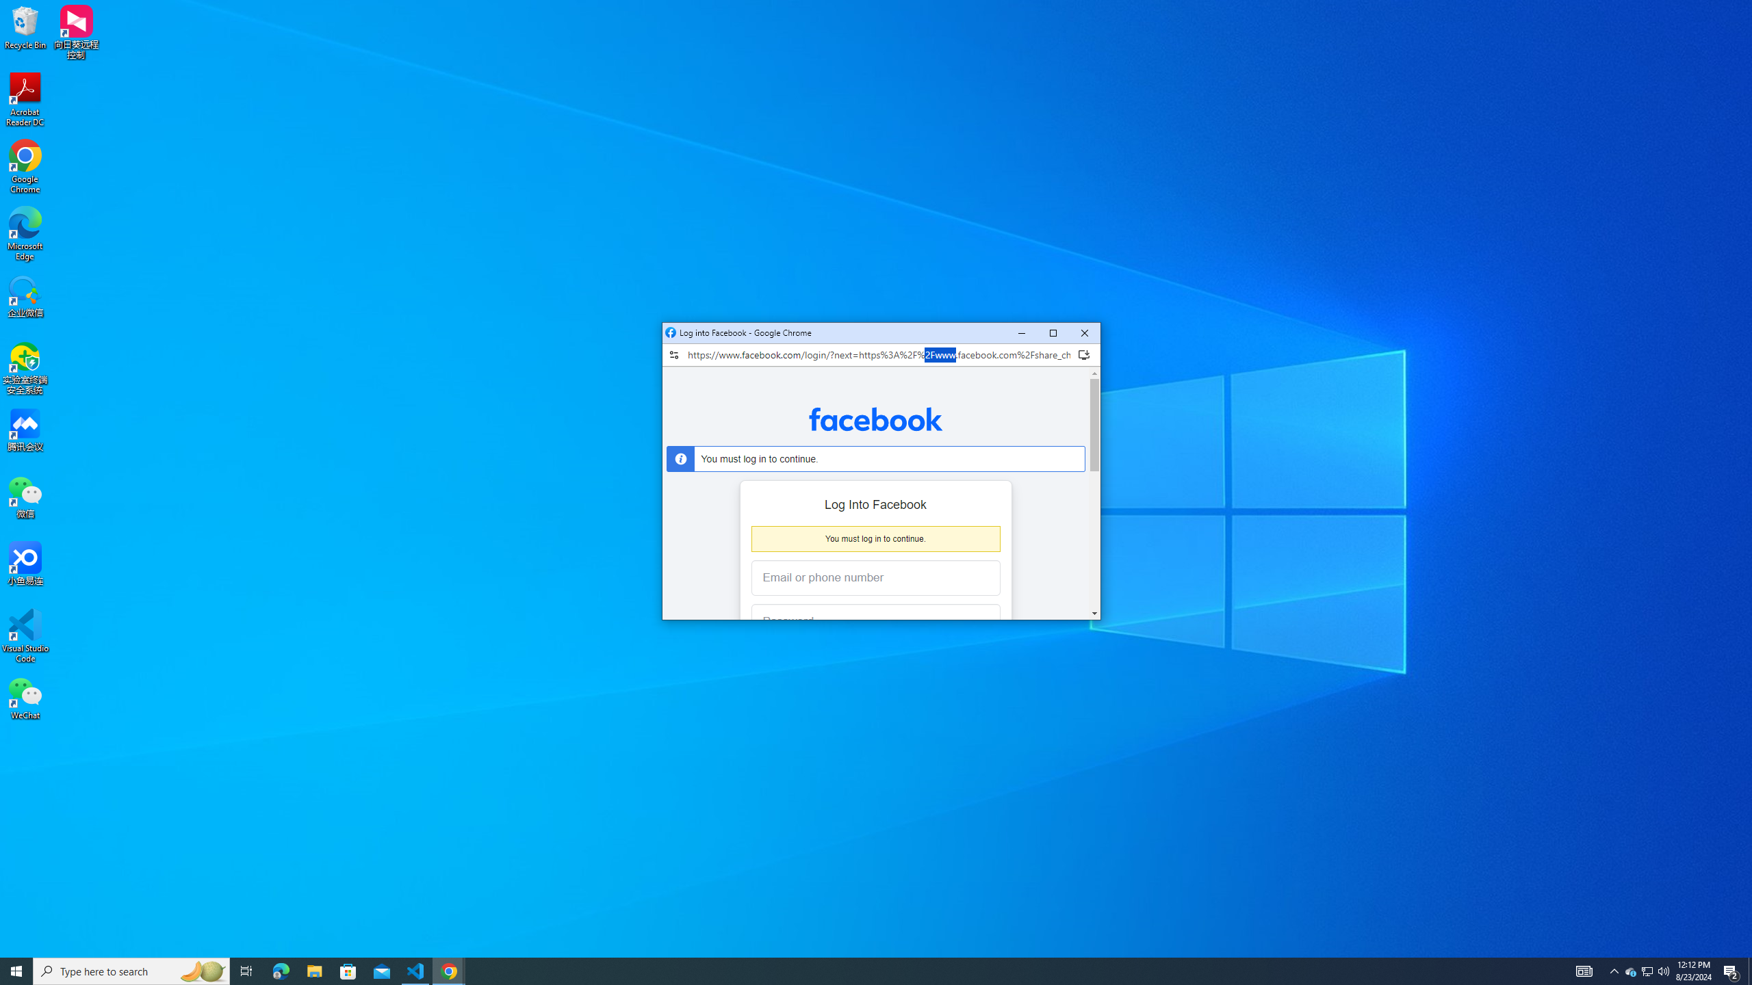 Image resolution: width=1752 pixels, height=985 pixels. Describe the element at coordinates (1662, 970) in the screenshot. I see `'Action Center, 2 new notifications'` at that location.